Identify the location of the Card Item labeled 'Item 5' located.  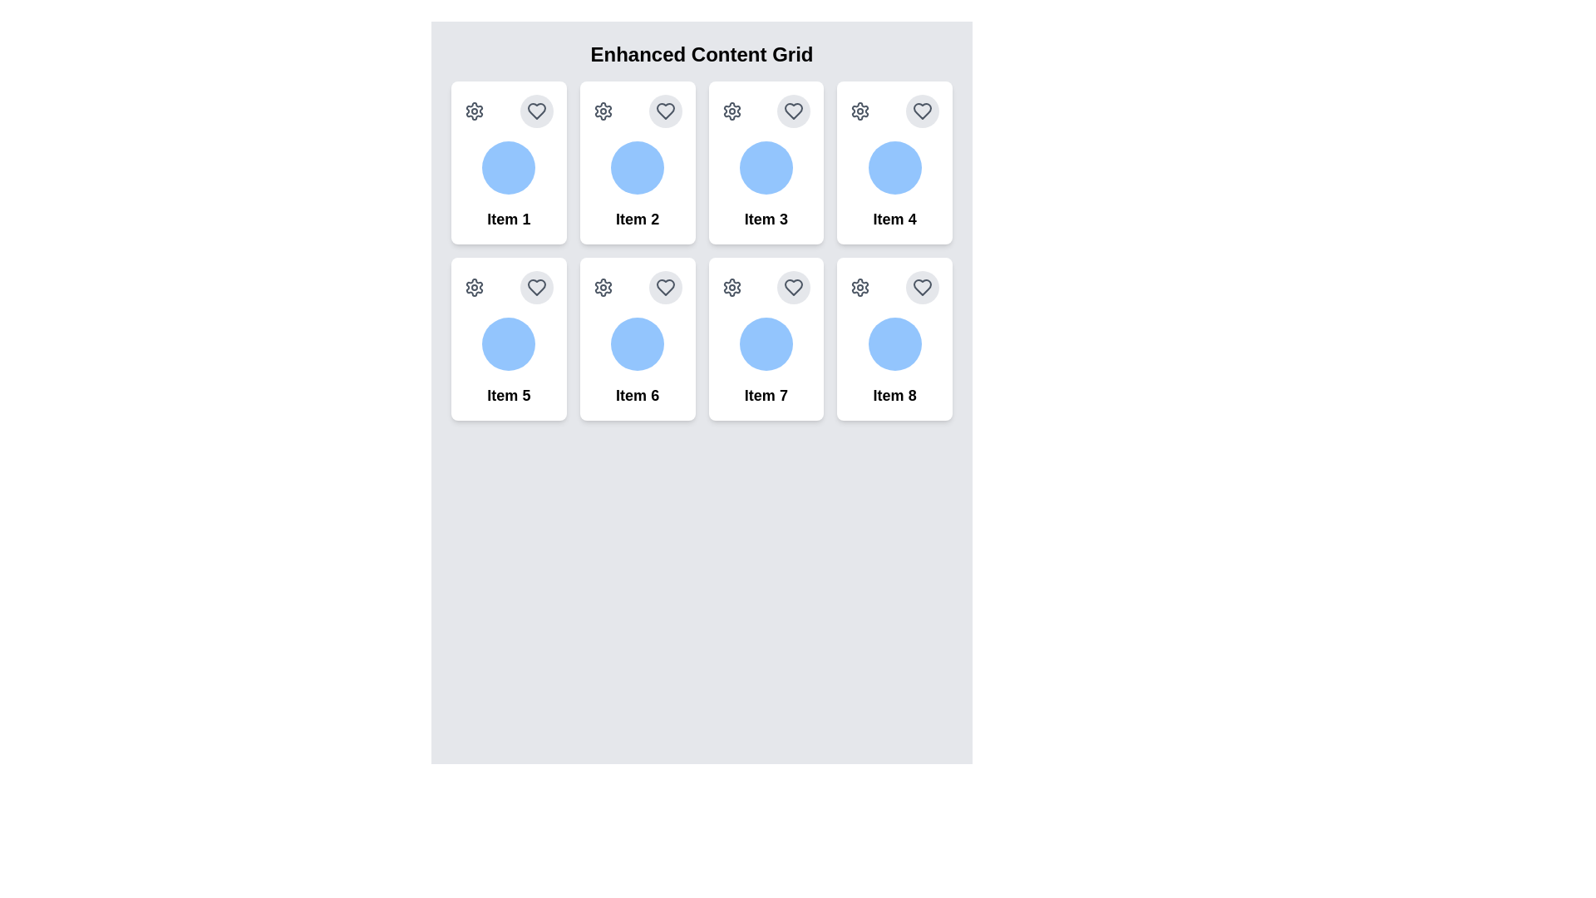
(508, 338).